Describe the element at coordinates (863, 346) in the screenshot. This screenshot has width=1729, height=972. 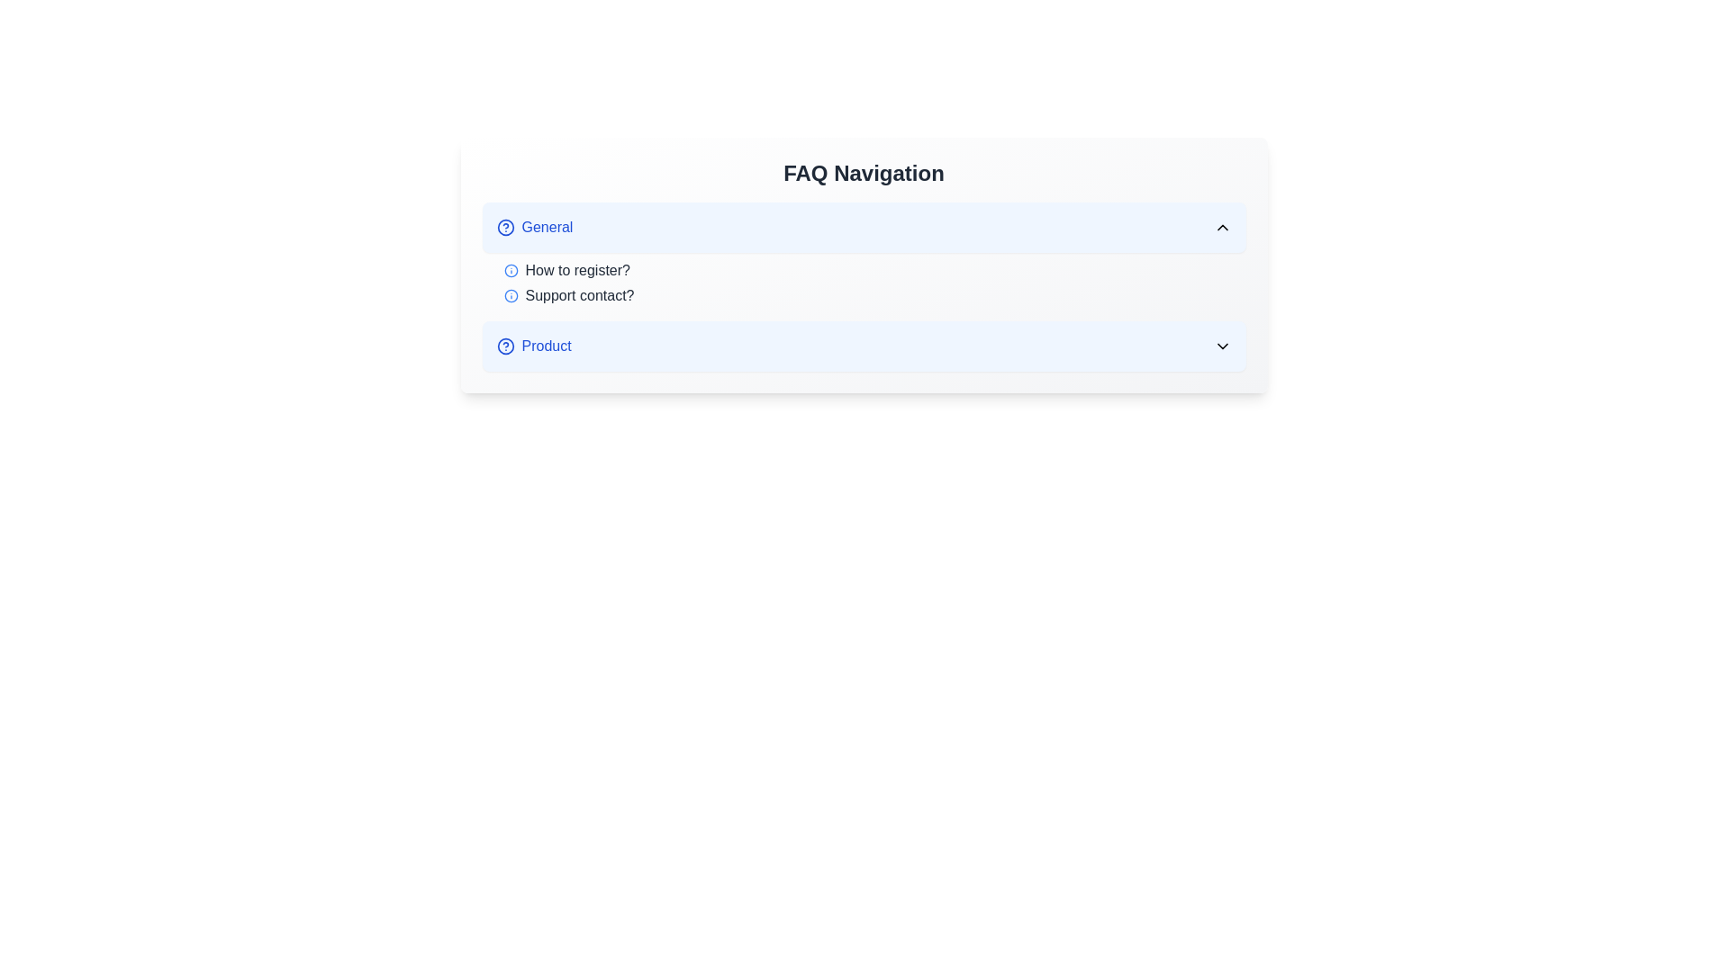
I see `the third button in the FAQ navigation list for 'Product' to trigger a visual reaction` at that location.